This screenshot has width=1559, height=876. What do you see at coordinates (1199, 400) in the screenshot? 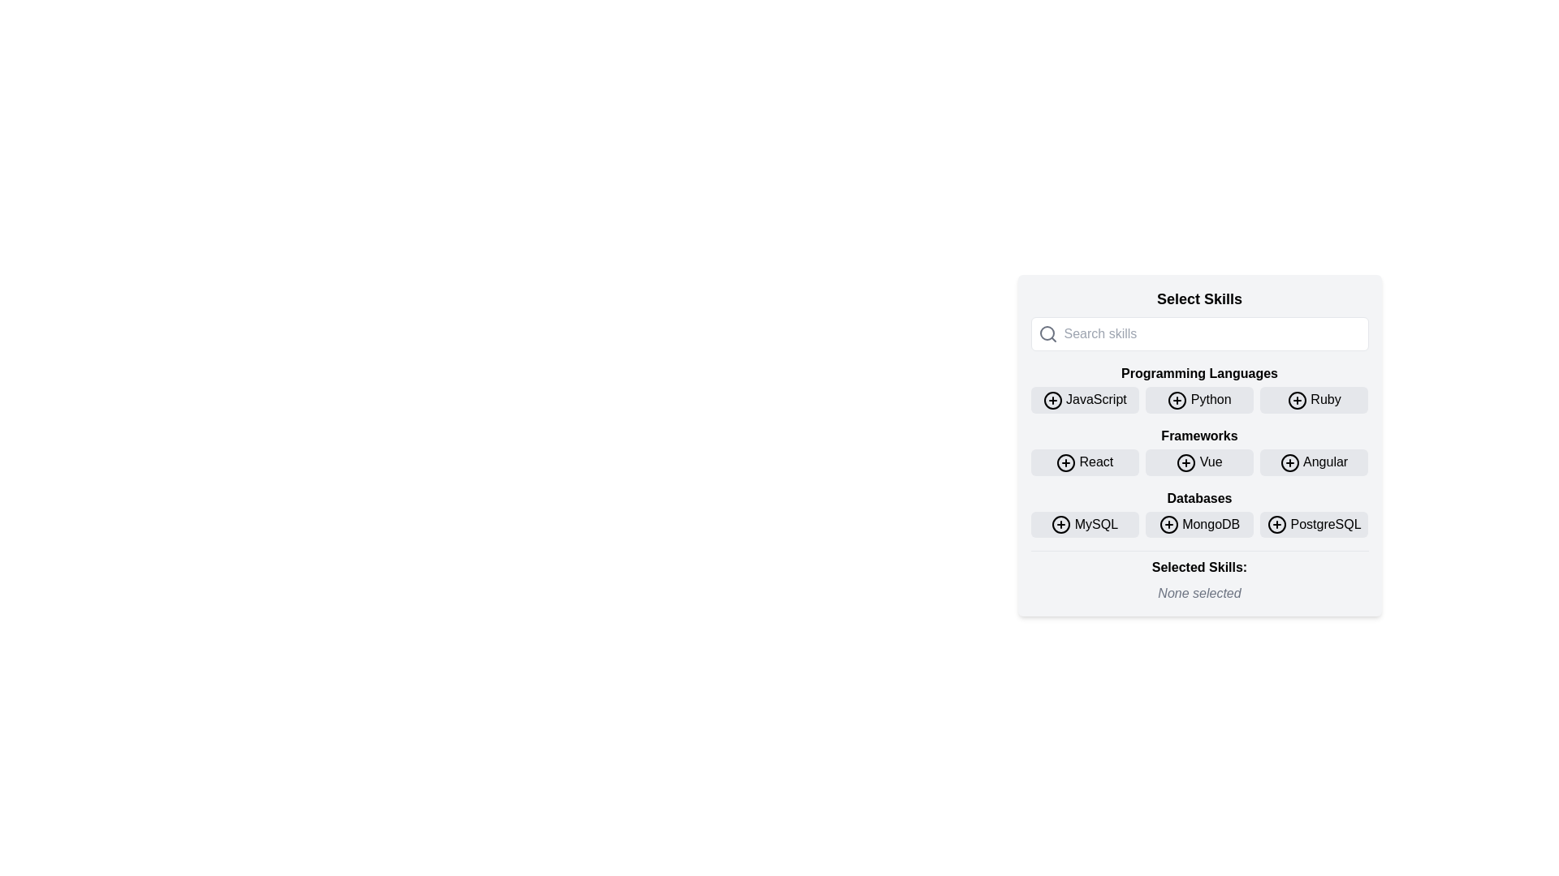
I see `the button labeled 'Python'` at bounding box center [1199, 400].